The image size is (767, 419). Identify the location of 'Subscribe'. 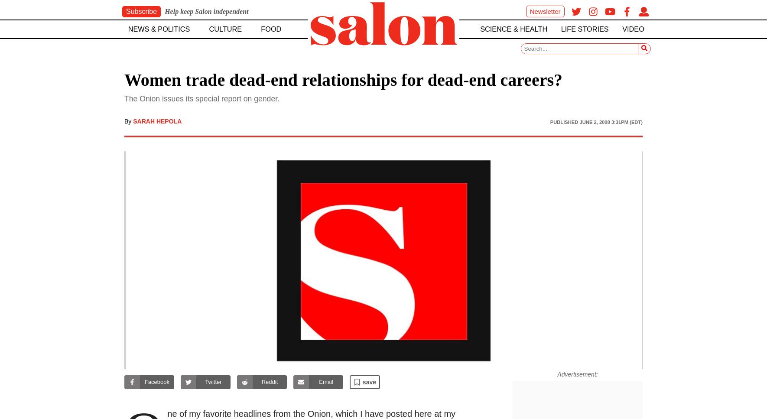
(126, 11).